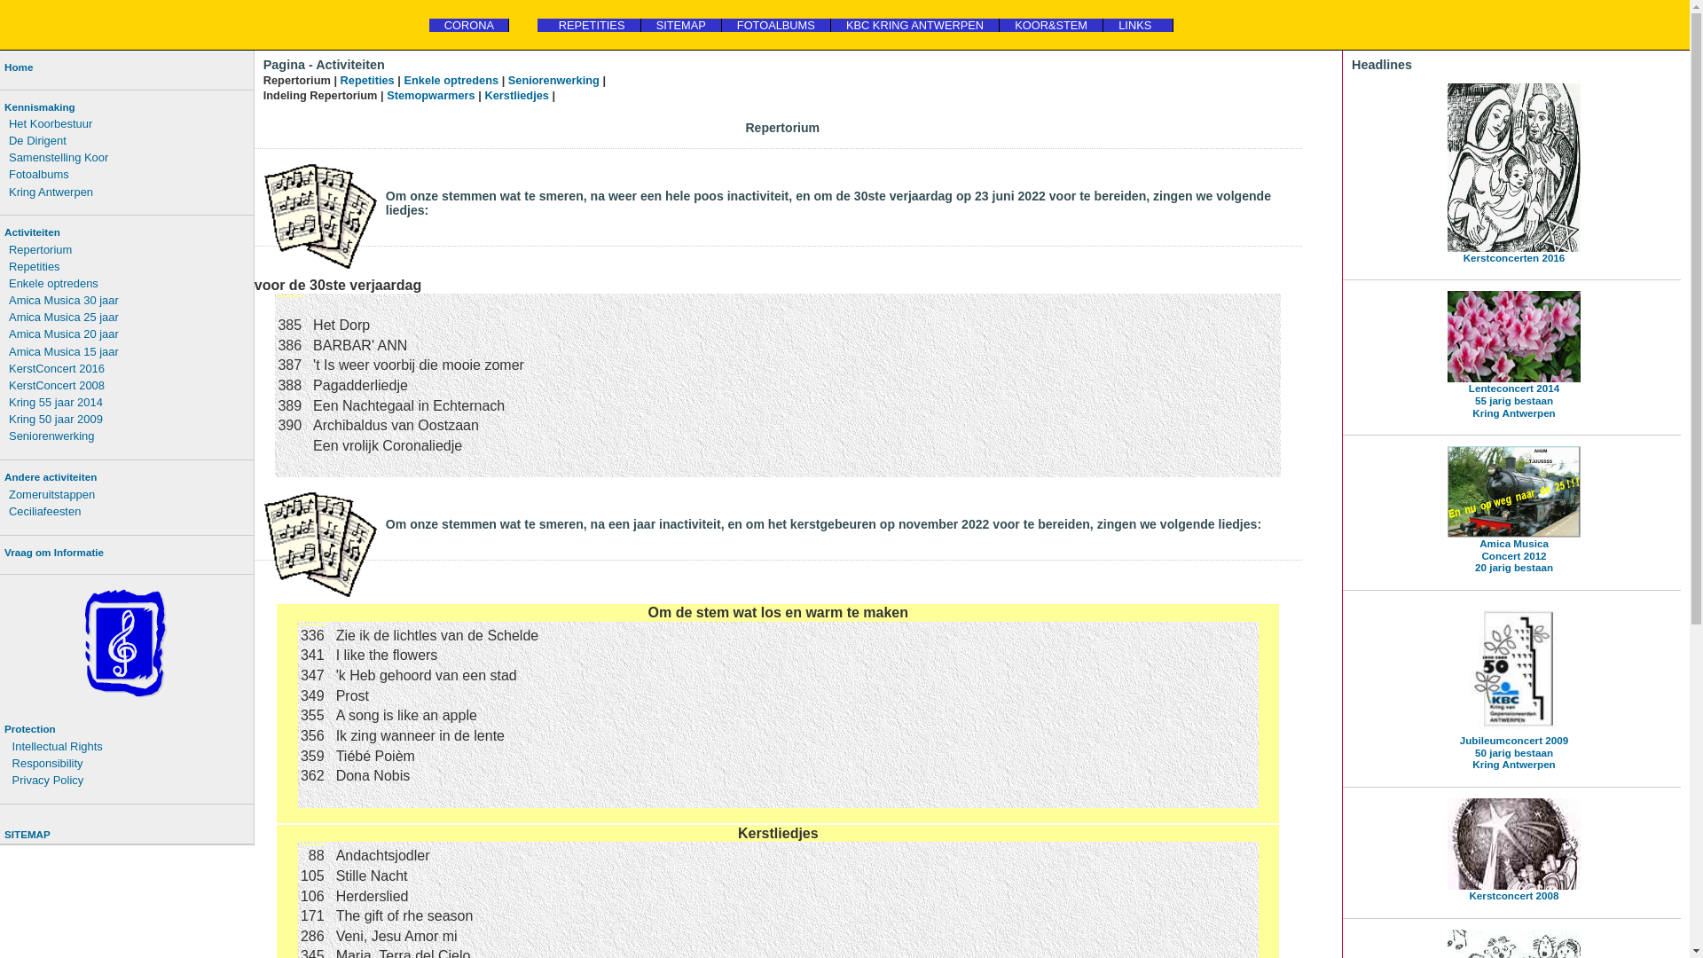 The height and width of the screenshot is (958, 1703). Describe the element at coordinates (1051, 25) in the screenshot. I see `'  KOOR&STEM  '` at that location.